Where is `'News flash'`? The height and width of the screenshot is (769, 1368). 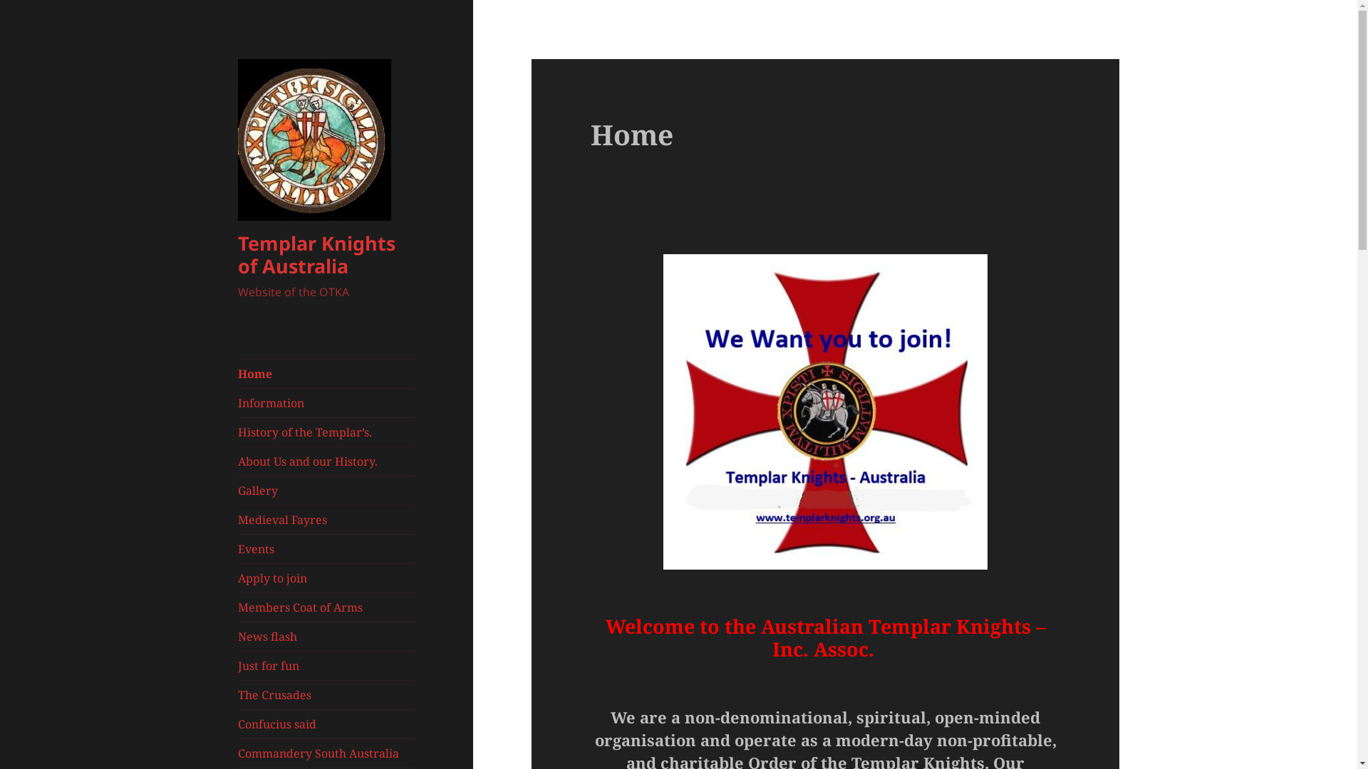 'News flash' is located at coordinates (325, 636).